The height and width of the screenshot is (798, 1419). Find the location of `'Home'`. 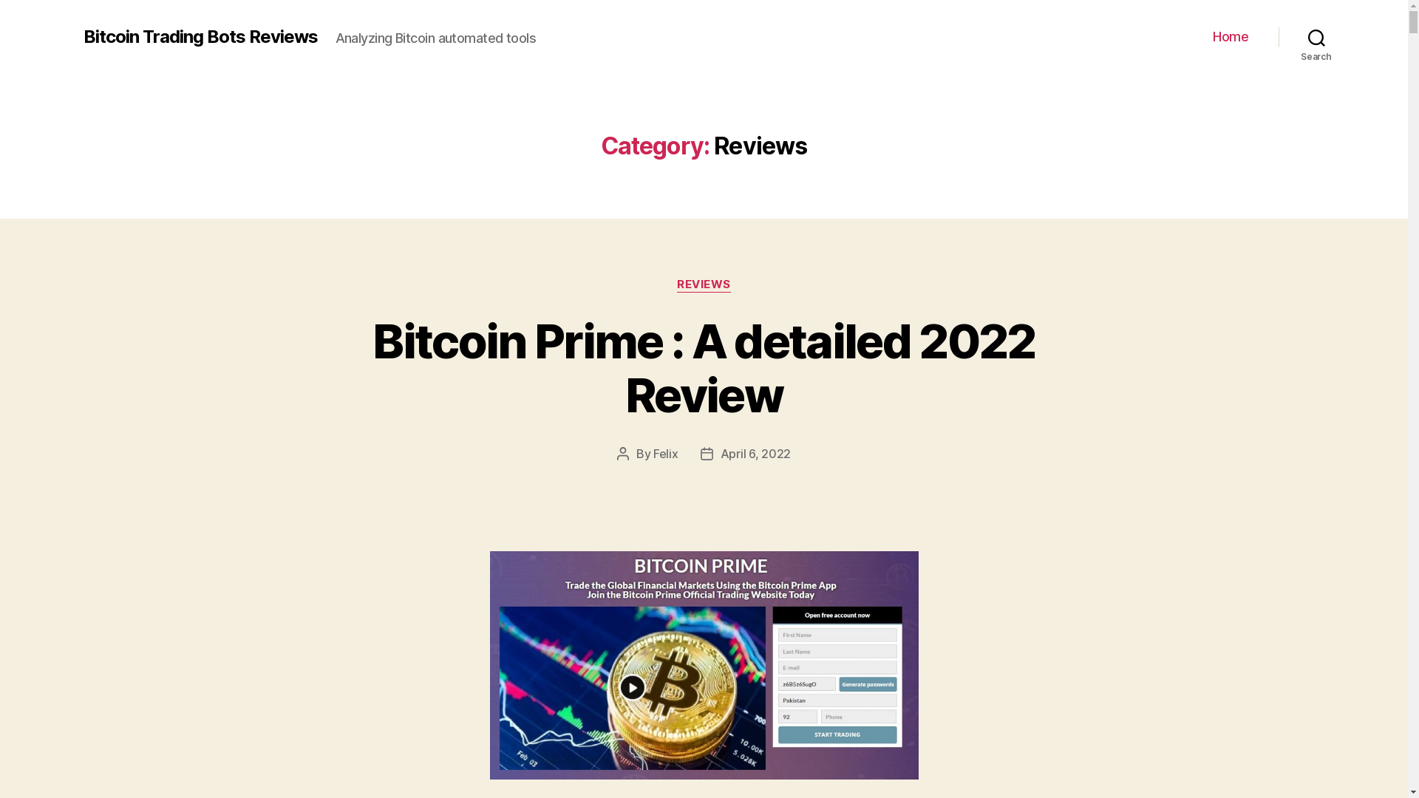

'Home' is located at coordinates (1231, 36).